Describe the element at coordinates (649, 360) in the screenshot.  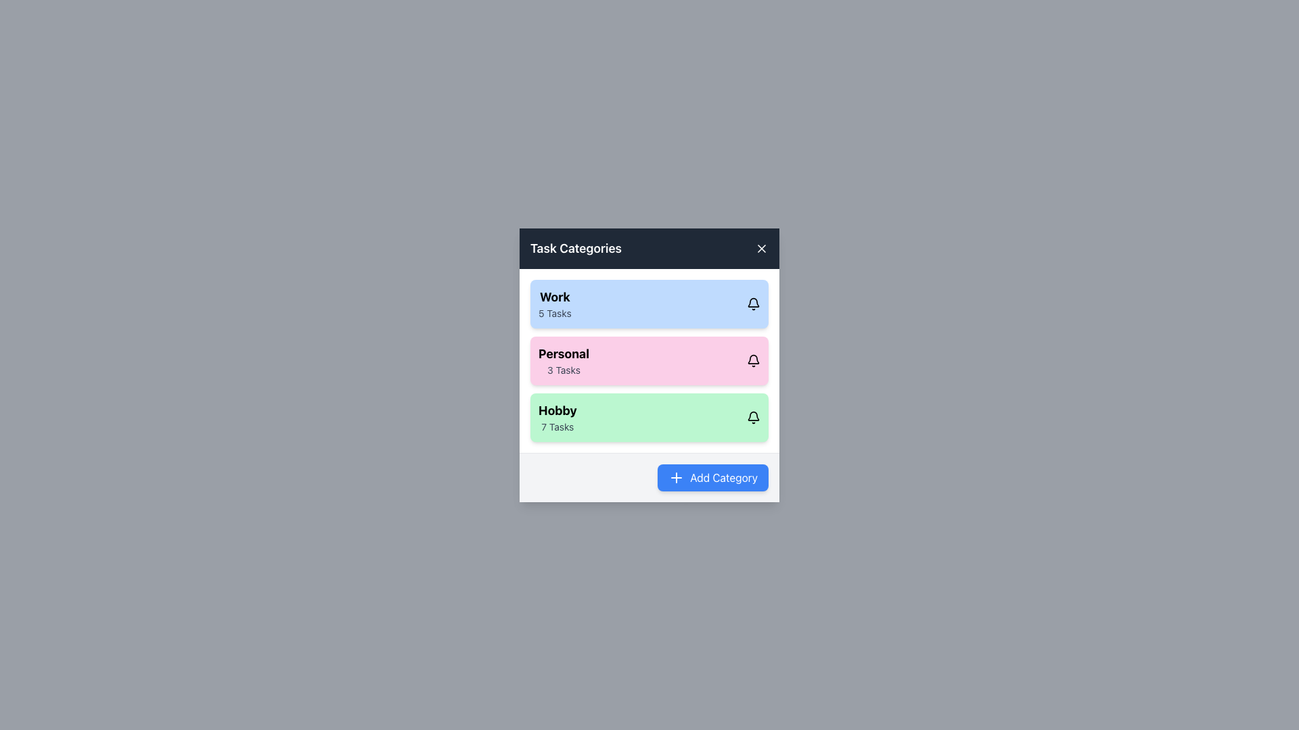
I see `the 'Personal' category block, which is the second in a vertical list of three categories` at that location.